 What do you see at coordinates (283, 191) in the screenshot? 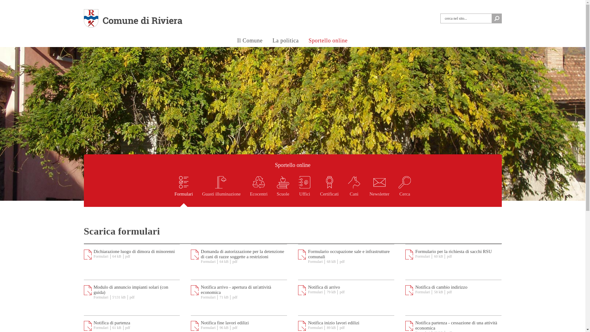
I see `'Scuole'` at bounding box center [283, 191].